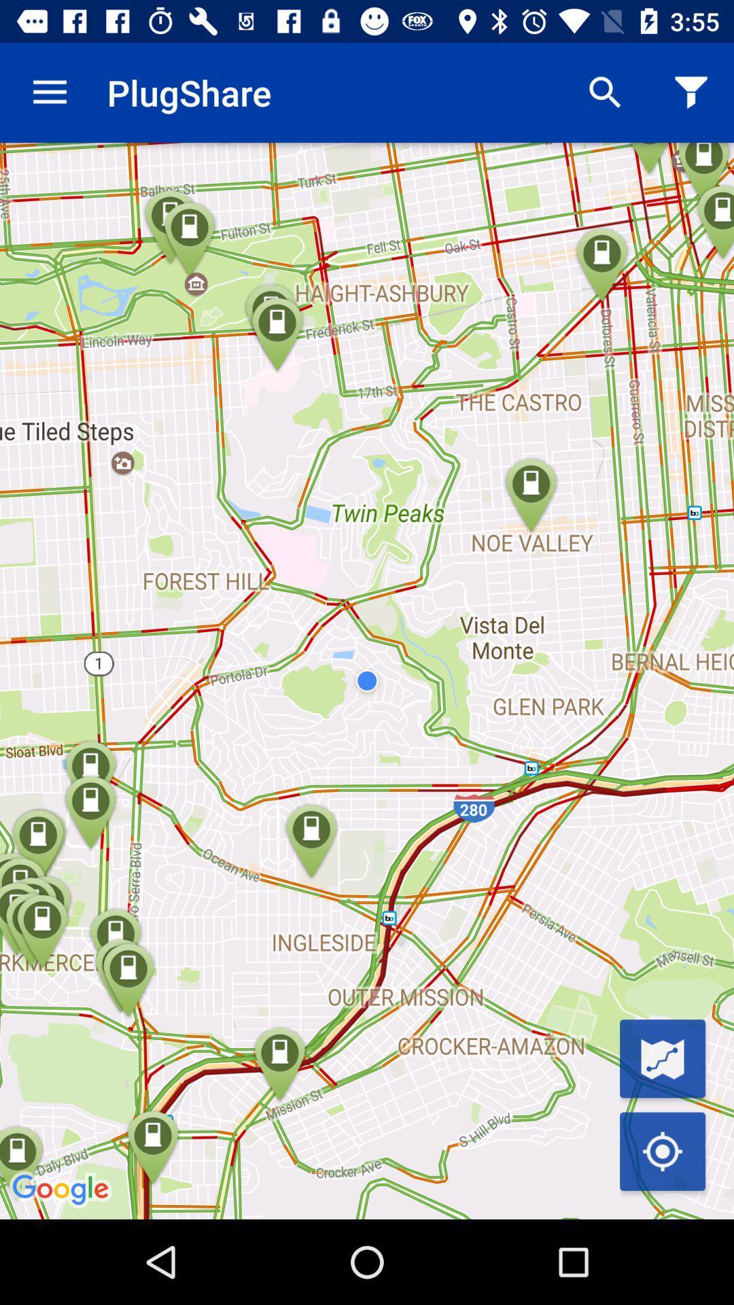  What do you see at coordinates (662, 1151) in the screenshot?
I see `the location_crosshair icon` at bounding box center [662, 1151].